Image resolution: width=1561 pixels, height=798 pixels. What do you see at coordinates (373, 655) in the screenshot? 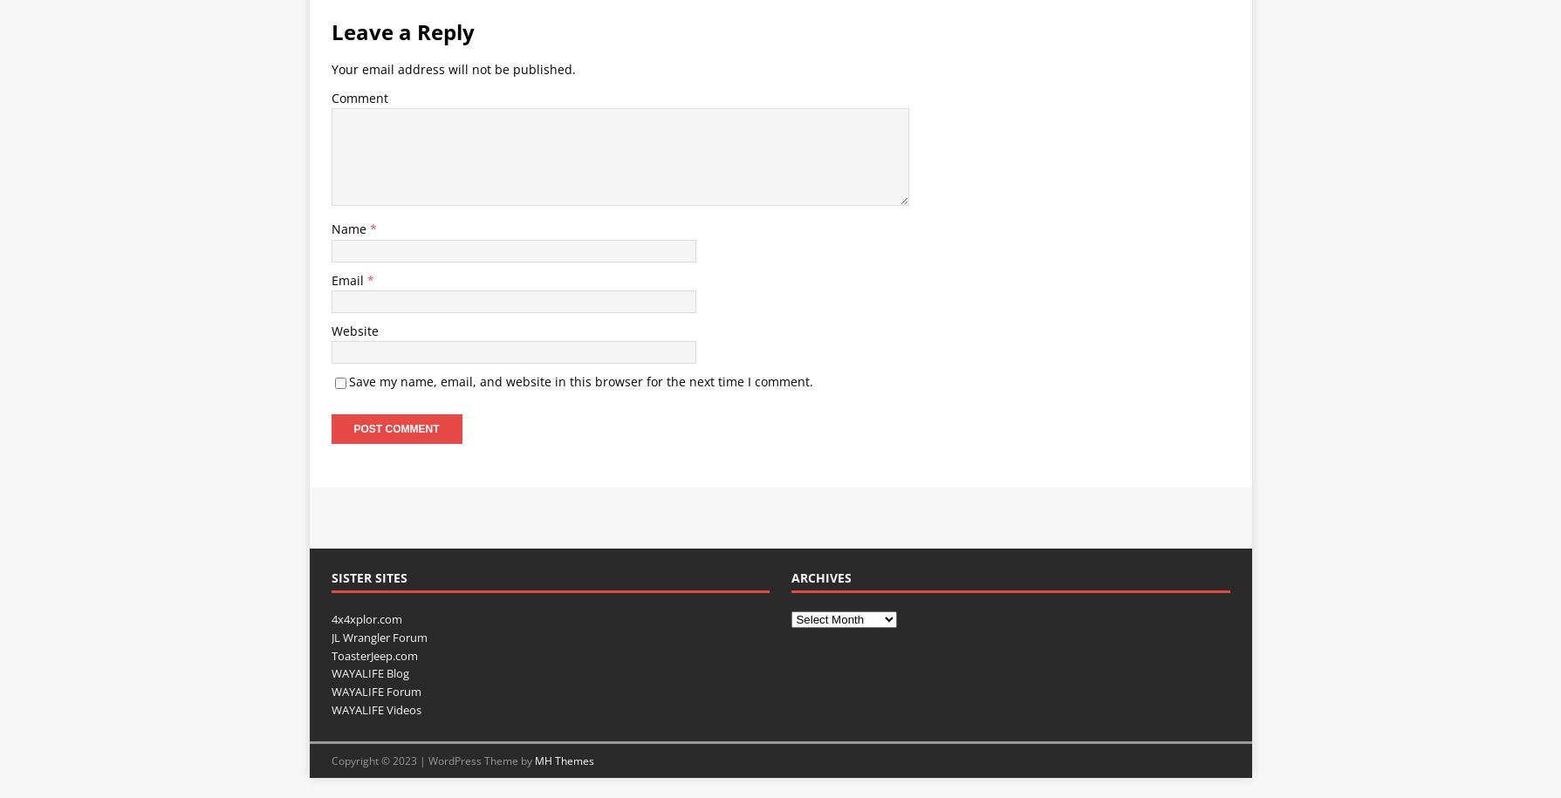
I see `'ToasterJeep.com'` at bounding box center [373, 655].